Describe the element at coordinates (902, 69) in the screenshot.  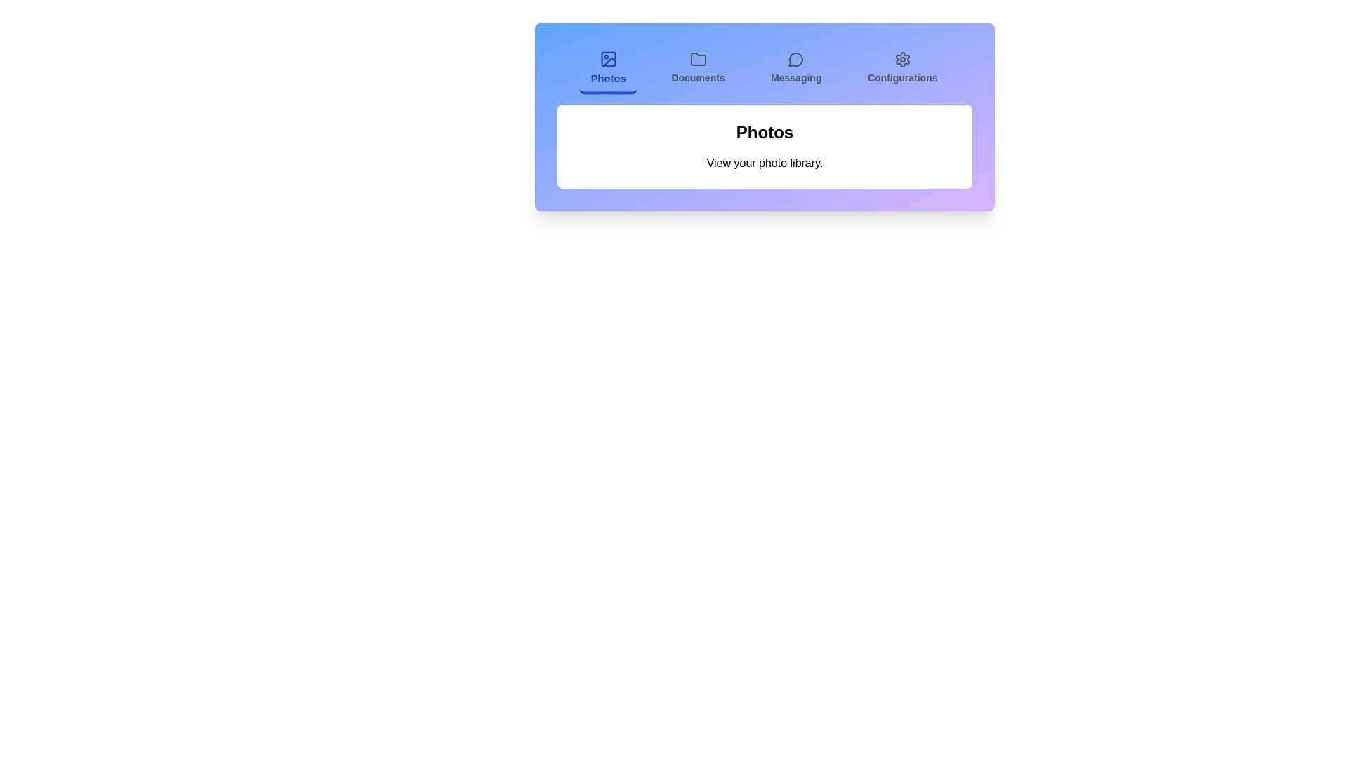
I see `the tab labeled Configurations to view its content` at that location.